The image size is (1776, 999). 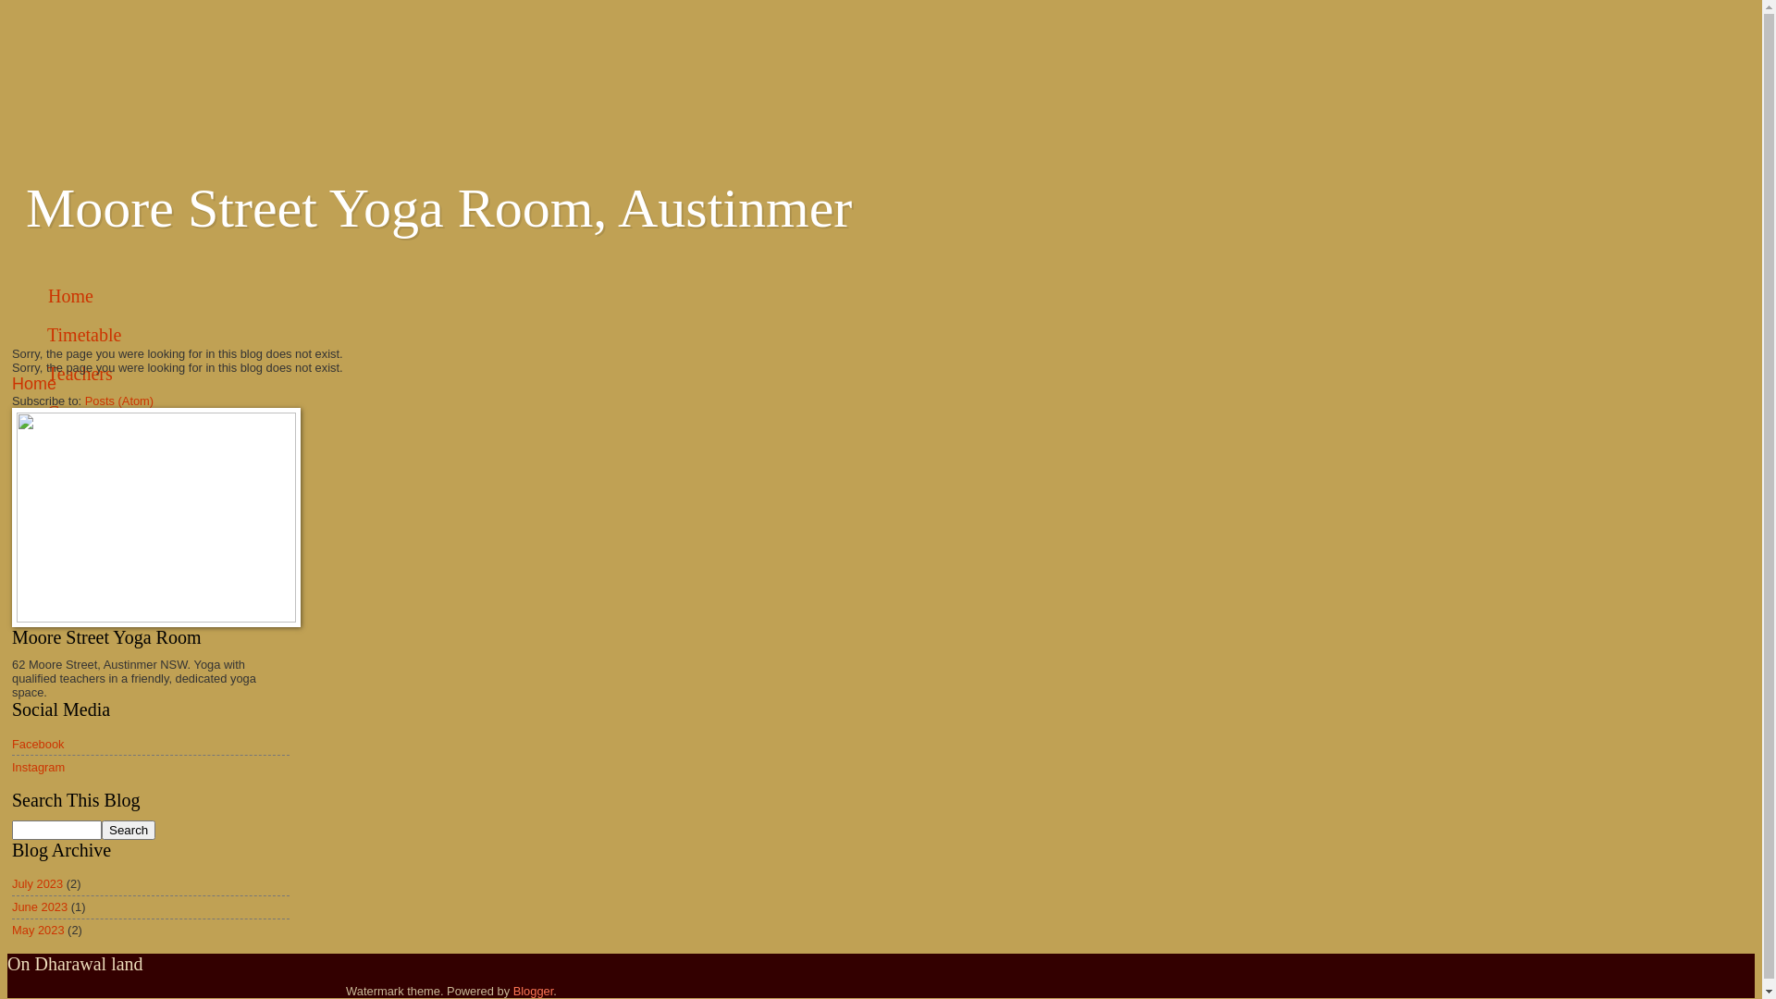 I want to click on 'Teachers', so click(x=79, y=374).